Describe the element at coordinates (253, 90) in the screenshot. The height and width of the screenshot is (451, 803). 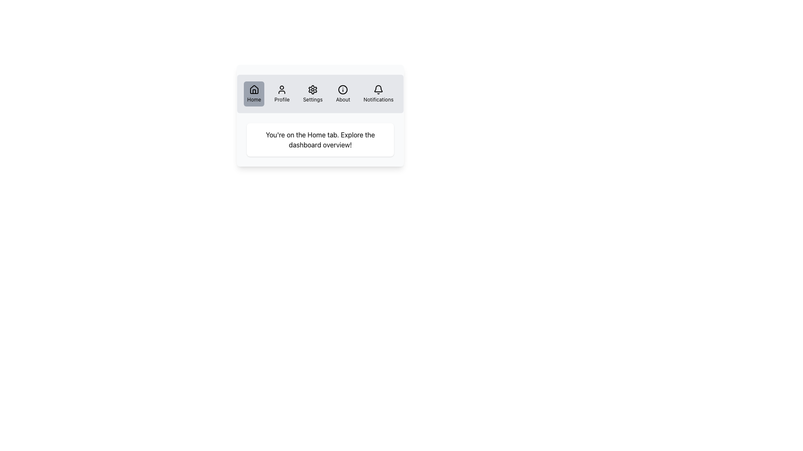
I see `the SVG graphic icon of a house` at that location.